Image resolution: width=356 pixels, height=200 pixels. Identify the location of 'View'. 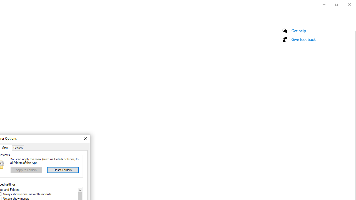
(6, 147).